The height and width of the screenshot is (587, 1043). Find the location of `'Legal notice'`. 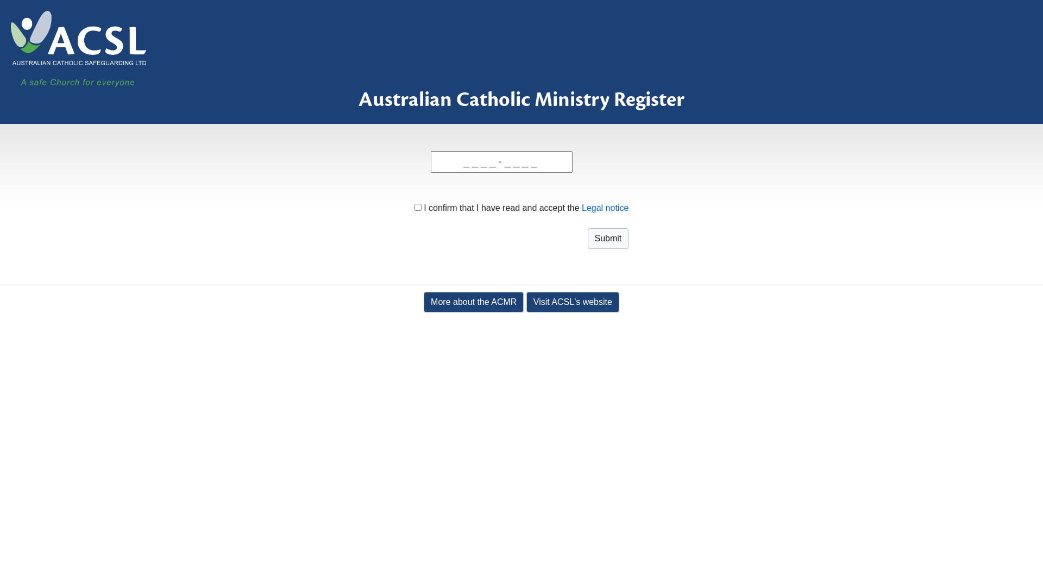

'Legal notice' is located at coordinates (604, 208).